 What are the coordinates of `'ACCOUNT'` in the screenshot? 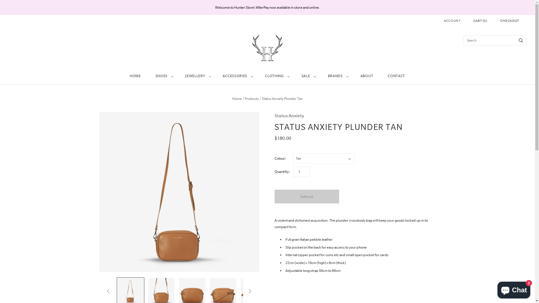 It's located at (452, 20).